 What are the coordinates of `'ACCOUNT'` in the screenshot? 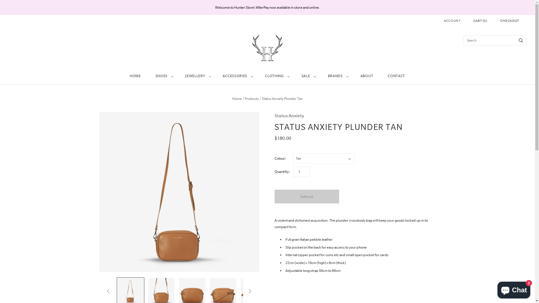 It's located at (452, 20).